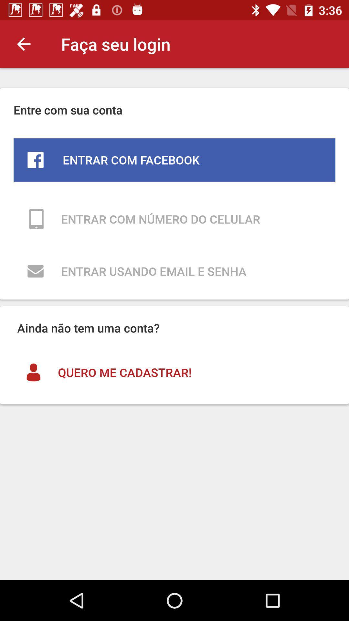  I want to click on the quero me cadastrar! icon, so click(174, 372).